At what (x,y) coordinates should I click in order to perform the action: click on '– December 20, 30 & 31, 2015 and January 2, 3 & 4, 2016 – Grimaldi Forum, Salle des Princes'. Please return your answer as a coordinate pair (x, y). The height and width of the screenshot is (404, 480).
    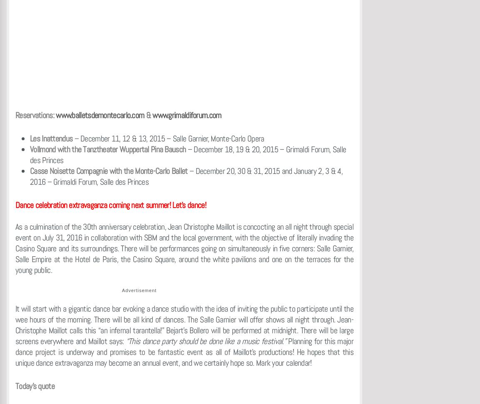
    Looking at the image, I should click on (186, 175).